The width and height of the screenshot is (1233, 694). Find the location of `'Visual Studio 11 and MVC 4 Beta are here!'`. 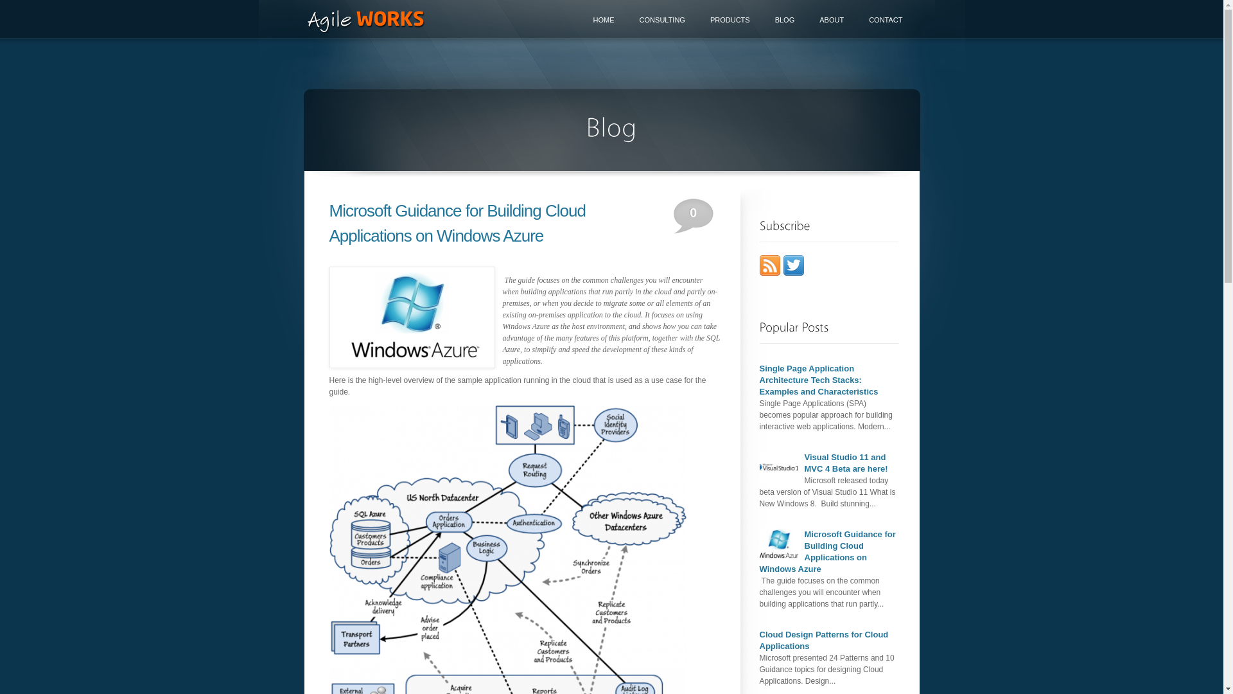

'Visual Studio 11 and MVC 4 Beta are here!' is located at coordinates (845, 463).